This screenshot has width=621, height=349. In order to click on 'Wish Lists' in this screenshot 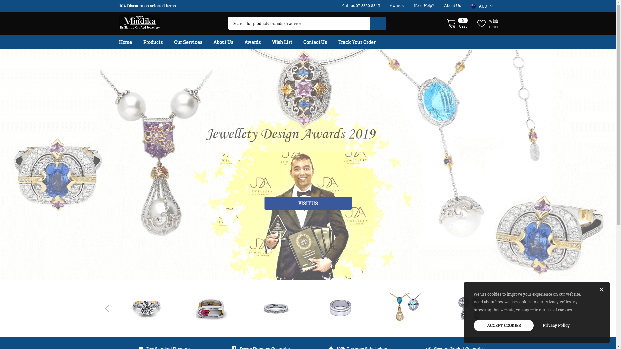, I will do `click(488, 23)`.